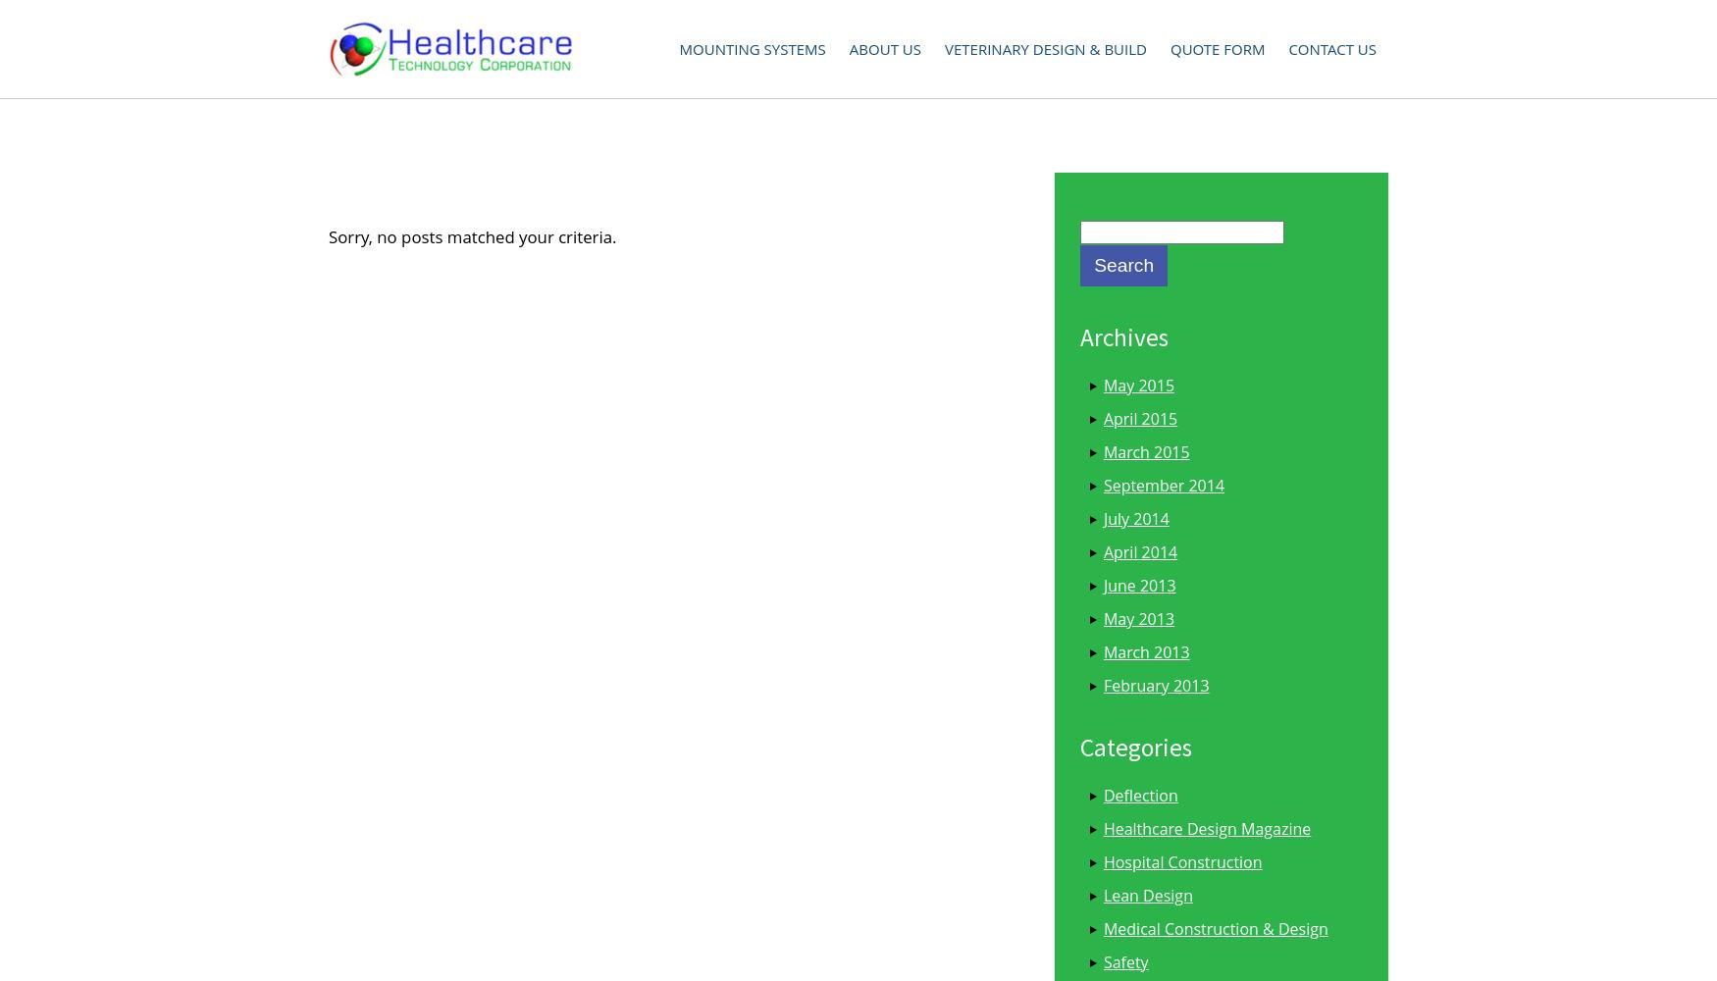 This screenshot has width=1717, height=981. What do you see at coordinates (1162, 484) in the screenshot?
I see `'September 2014'` at bounding box center [1162, 484].